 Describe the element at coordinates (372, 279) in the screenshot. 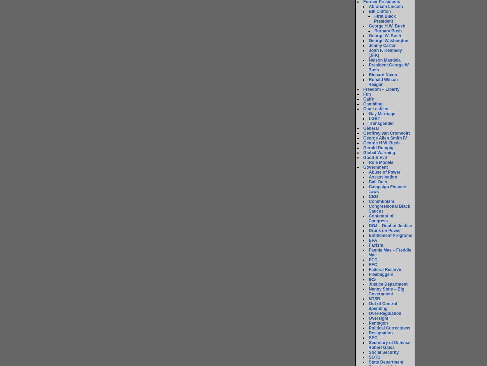

I see `'IRS'` at that location.